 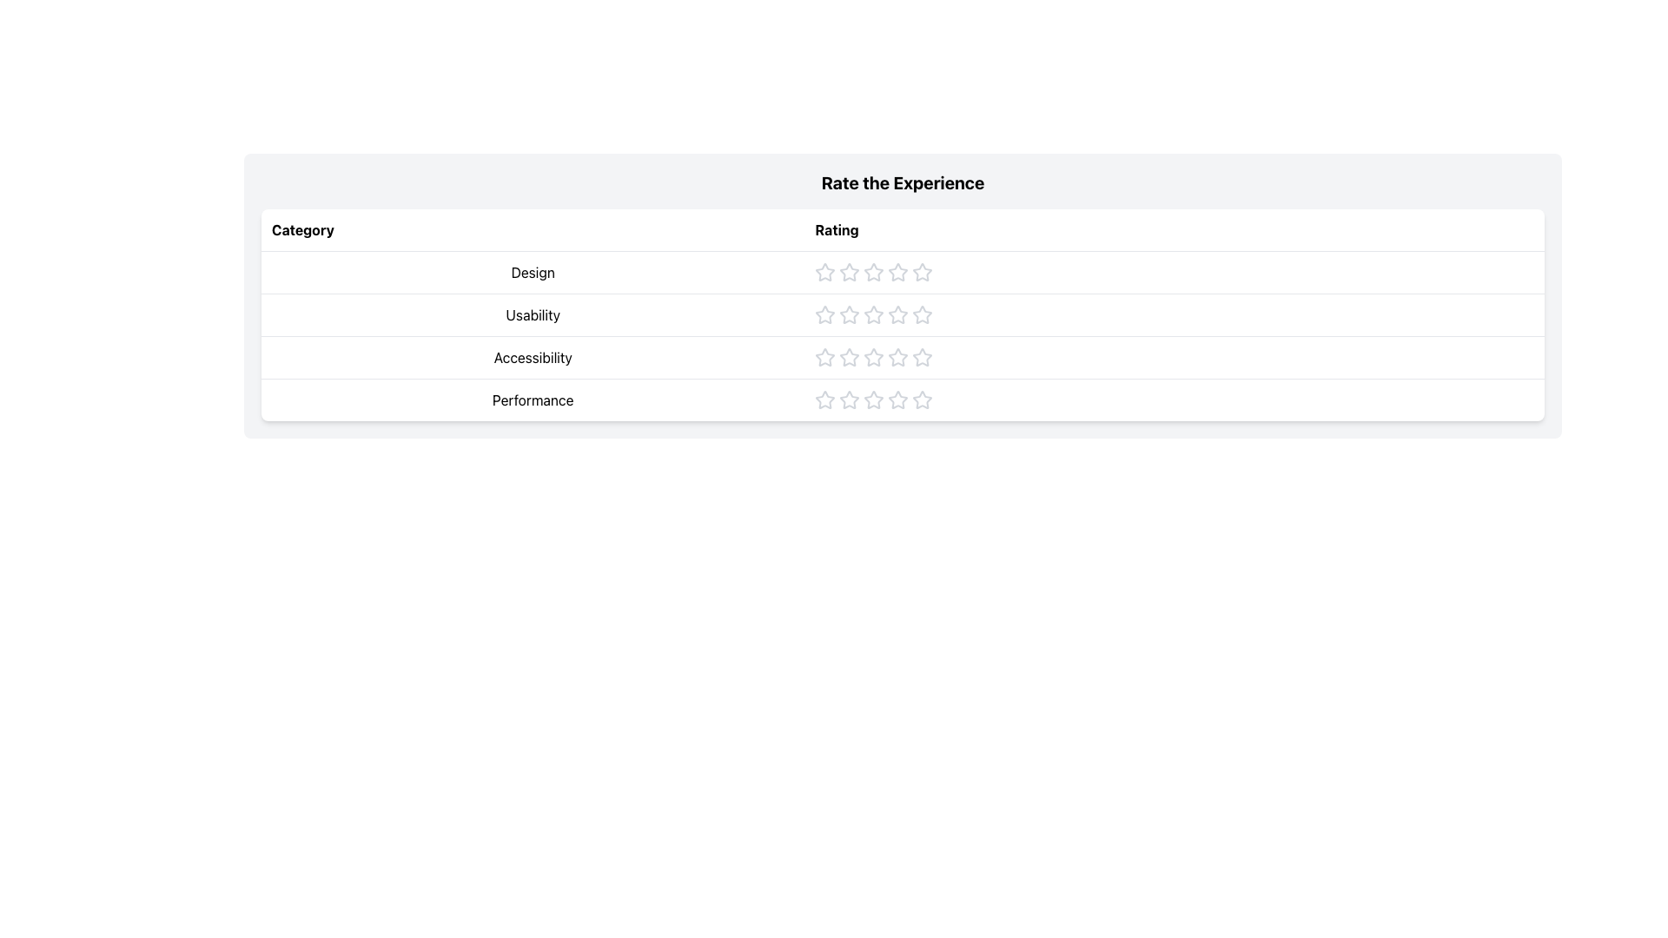 I want to click on the second star icon from the left in the 'Design' row under the 'Rate the Experience' column, so click(x=850, y=272).